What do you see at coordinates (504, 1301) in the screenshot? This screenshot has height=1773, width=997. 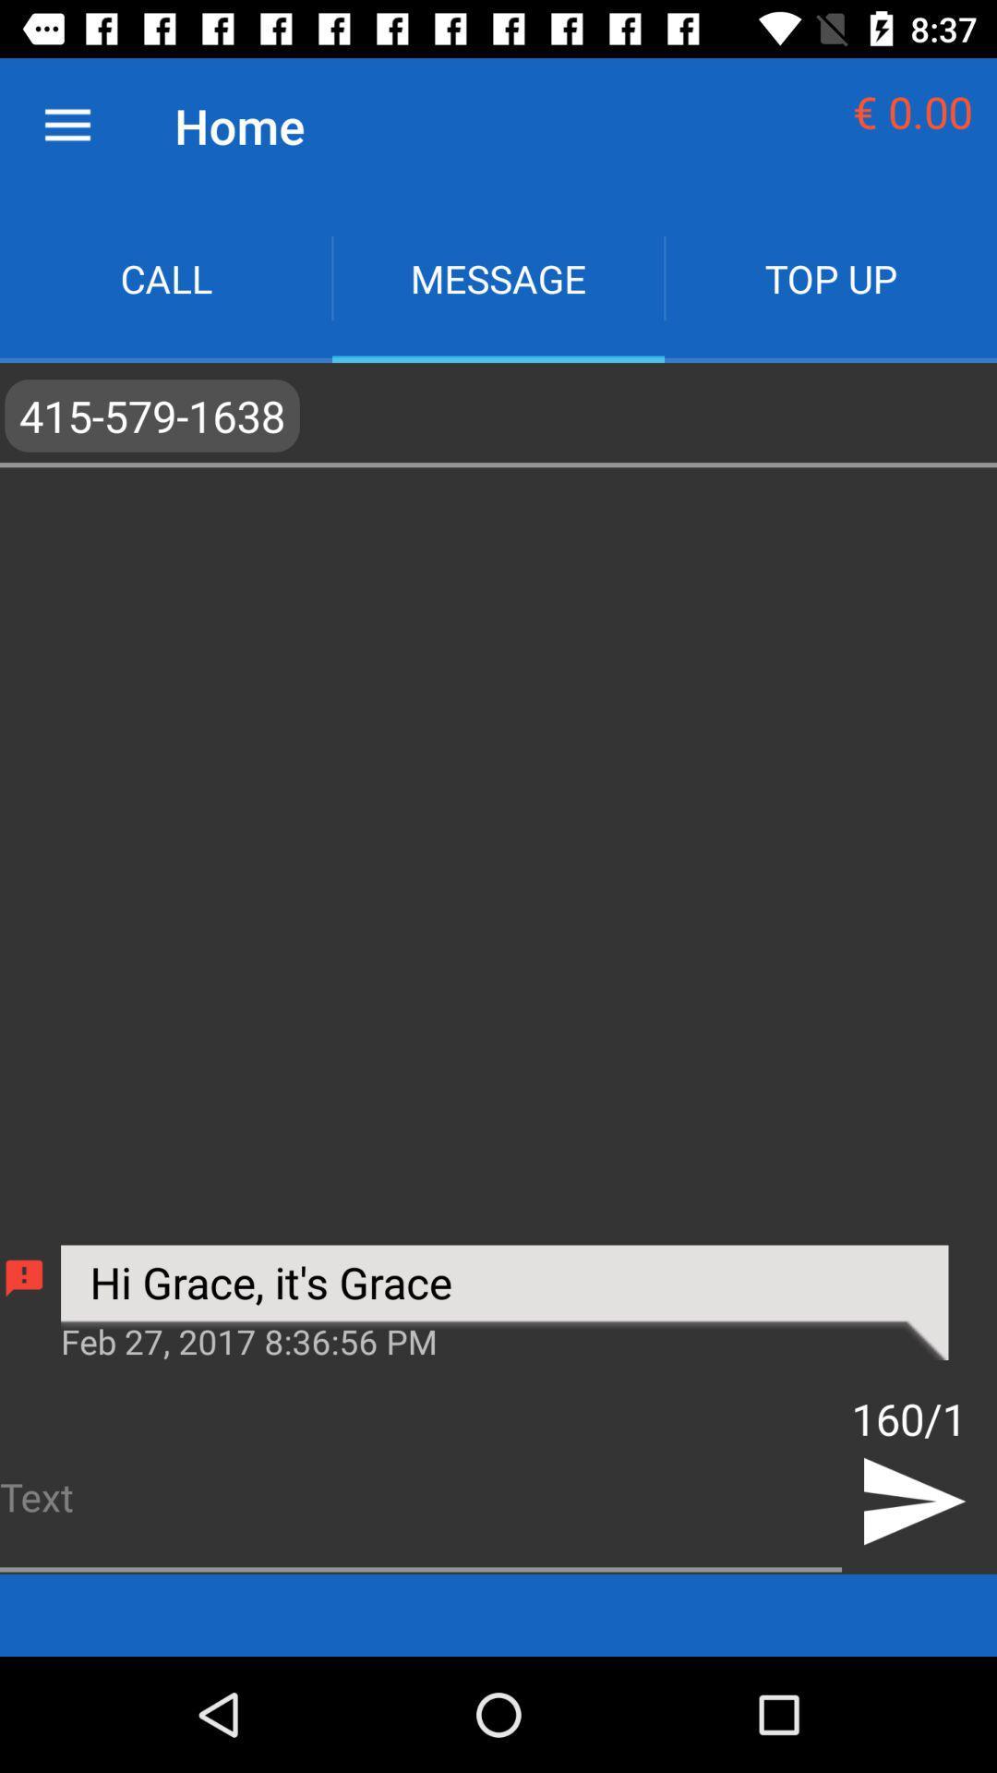 I see `item above the 160/1 icon` at bounding box center [504, 1301].